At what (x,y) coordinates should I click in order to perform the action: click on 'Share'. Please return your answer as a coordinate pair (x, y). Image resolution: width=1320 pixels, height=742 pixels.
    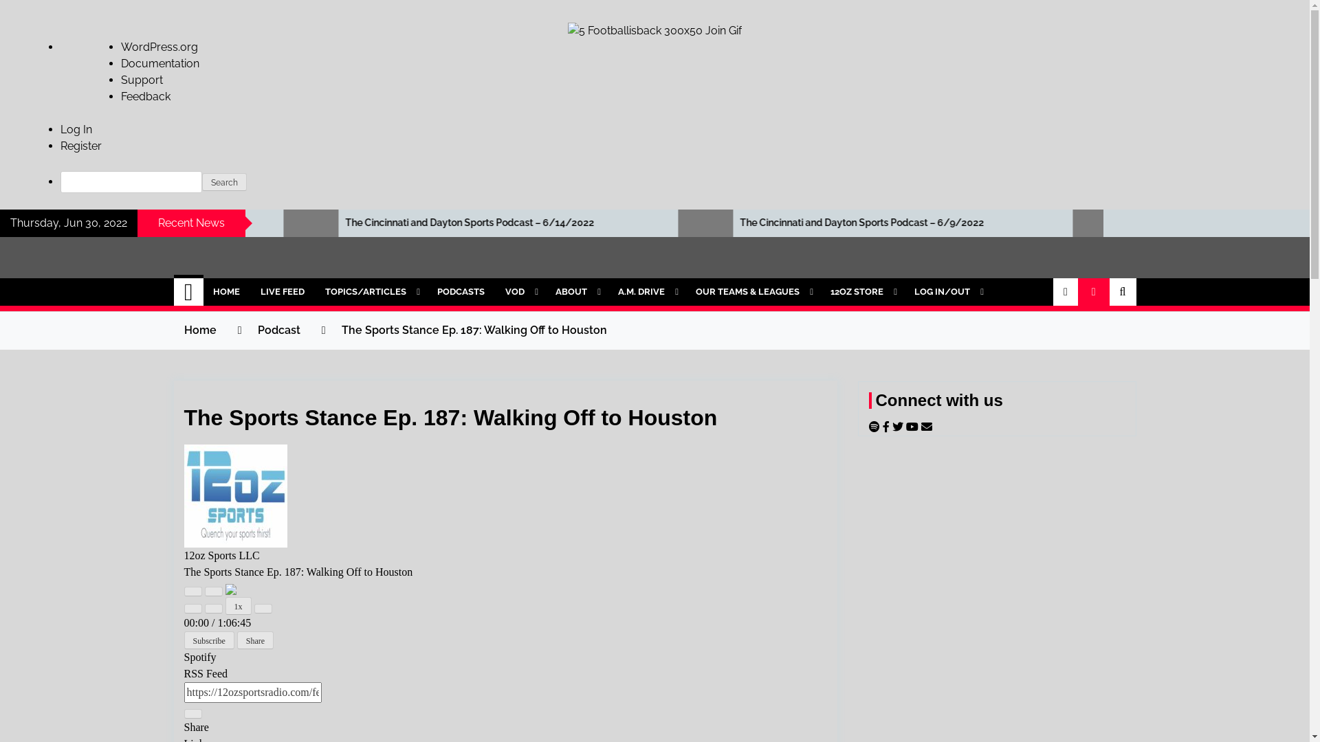
    Looking at the image, I should click on (255, 640).